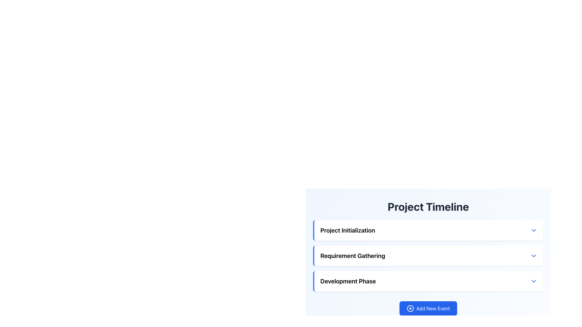 This screenshot has width=582, height=327. What do you see at coordinates (534, 281) in the screenshot?
I see `the downward-facing chevron-shaped dropdown toggle icon located at the right edge of the 'Development Phase' section` at bounding box center [534, 281].